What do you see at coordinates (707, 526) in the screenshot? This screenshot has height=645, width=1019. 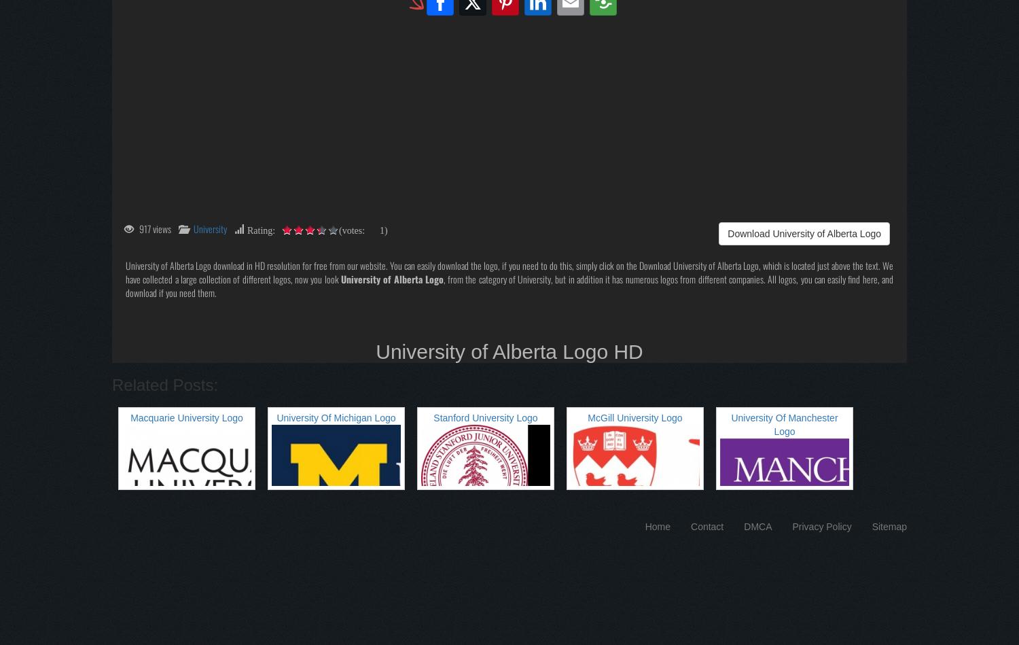 I see `'Contact'` at bounding box center [707, 526].